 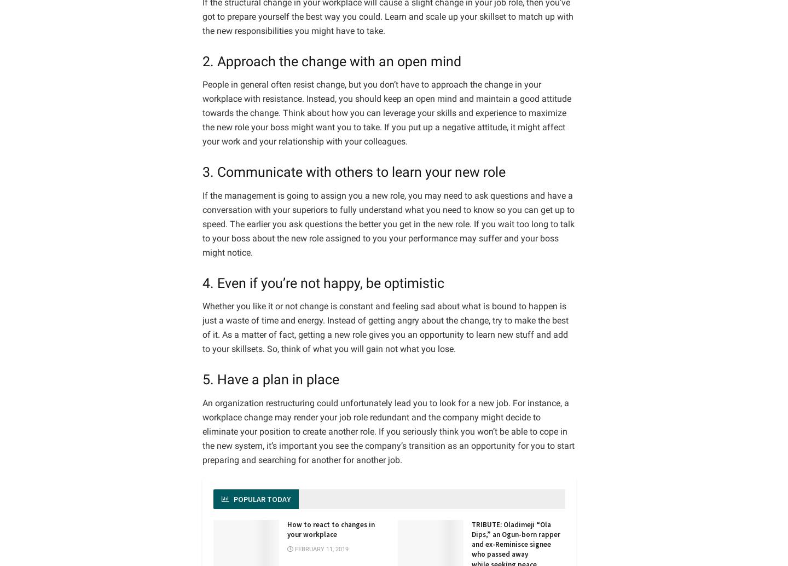 What do you see at coordinates (201, 223) in the screenshot?
I see `'If the management is going to assign you a new role, you may need to ask questions and have a conversation with your superiors to fully understand what you need to know so you can get up to speed. The earlier you ask questions the better you get in the new role. If you wait too long to talk to your boss about the new role assigned to you your performance may suffer and your boss might notice.'` at bounding box center [201, 223].